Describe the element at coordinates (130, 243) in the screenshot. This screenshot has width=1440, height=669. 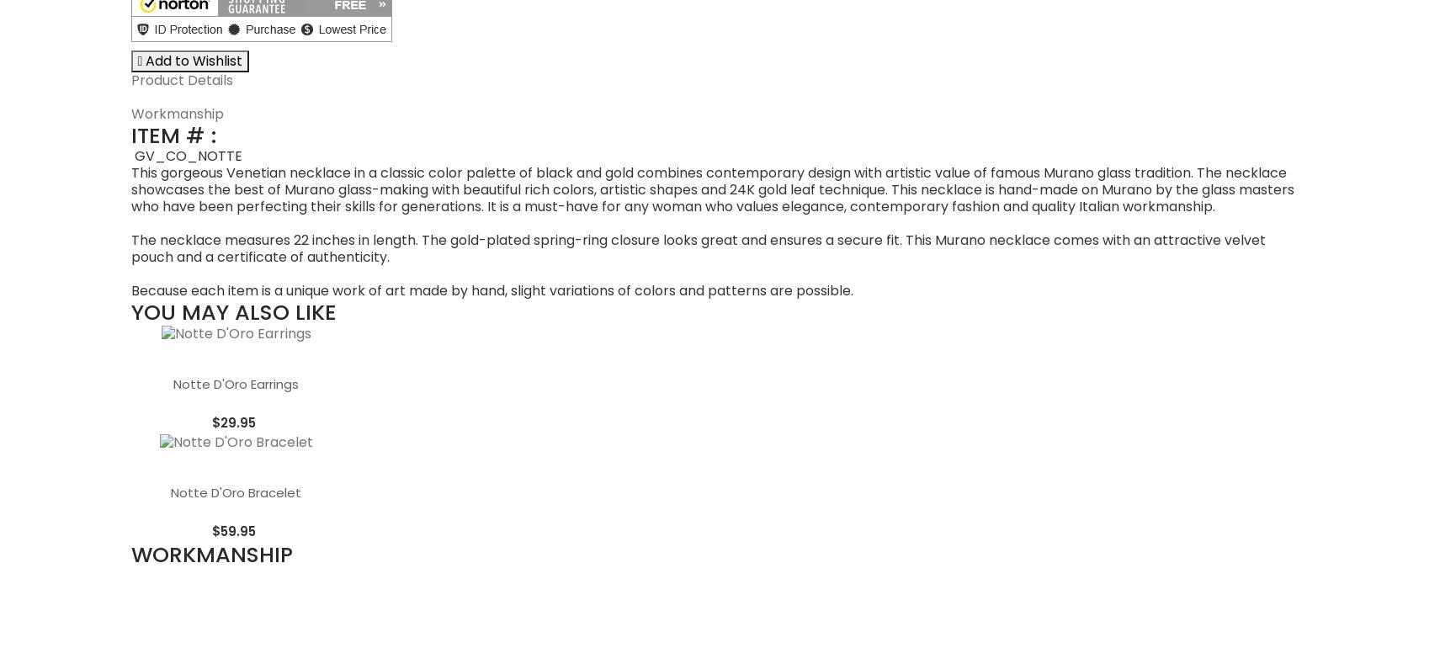
I see `'Workmanship'` at that location.